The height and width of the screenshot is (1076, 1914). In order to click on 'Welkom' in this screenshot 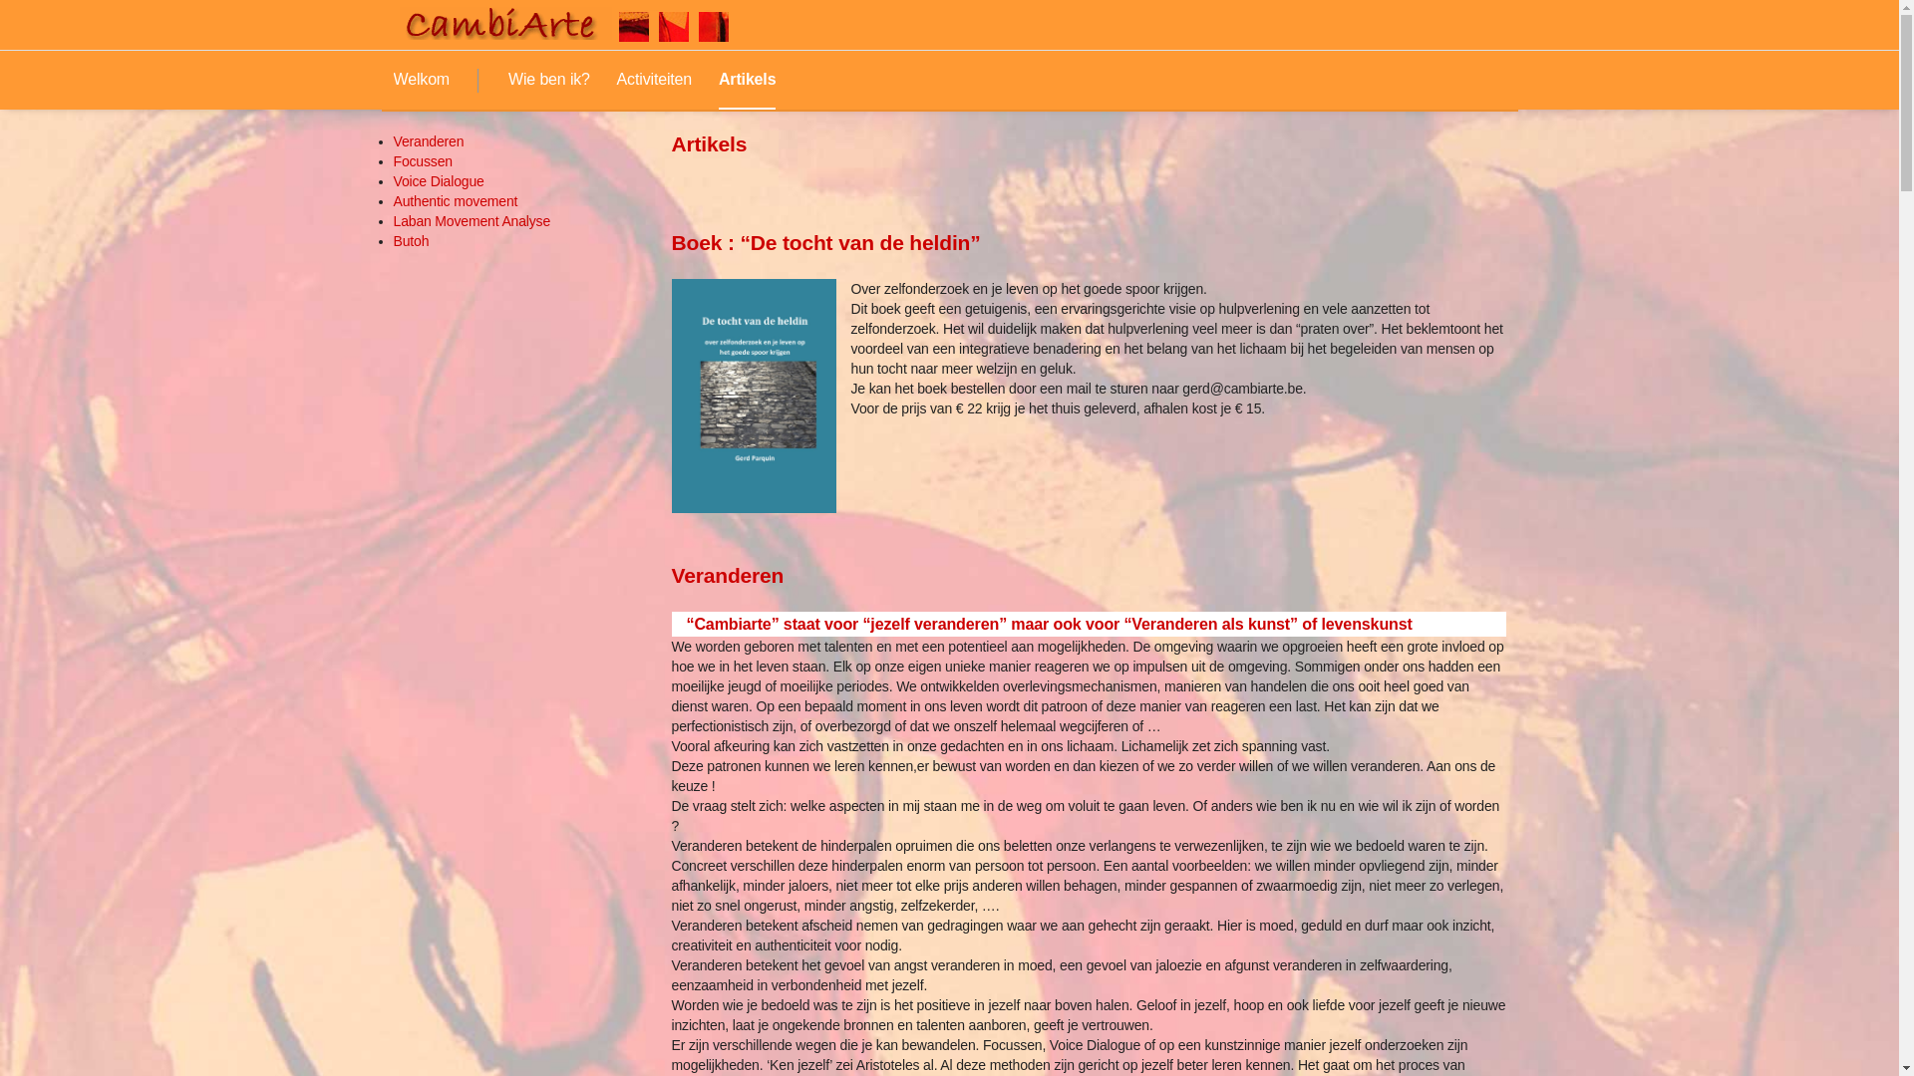, I will do `click(420, 79)`.